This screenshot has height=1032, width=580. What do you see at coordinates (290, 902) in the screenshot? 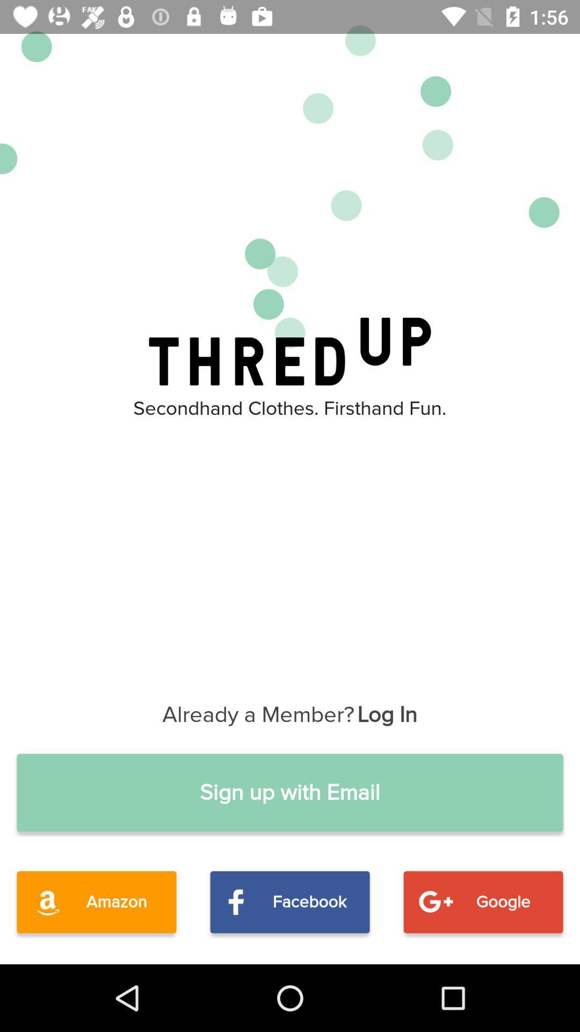
I see `facebook item` at bounding box center [290, 902].